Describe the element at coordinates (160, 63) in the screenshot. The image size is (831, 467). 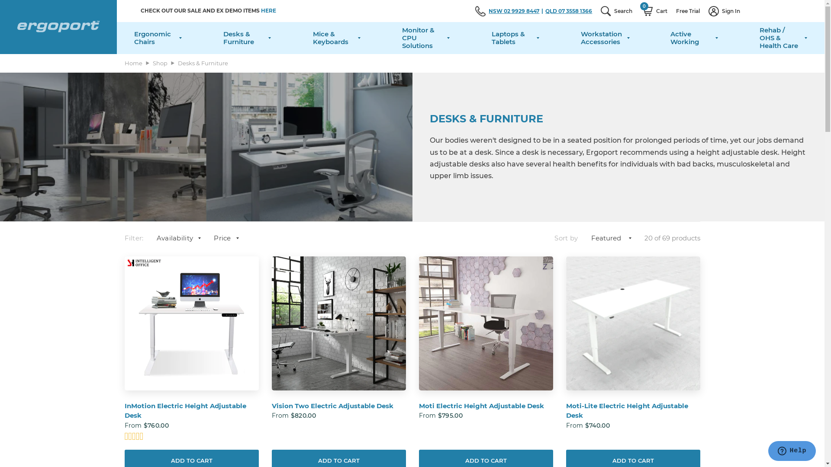
I see `'Shop'` at that location.